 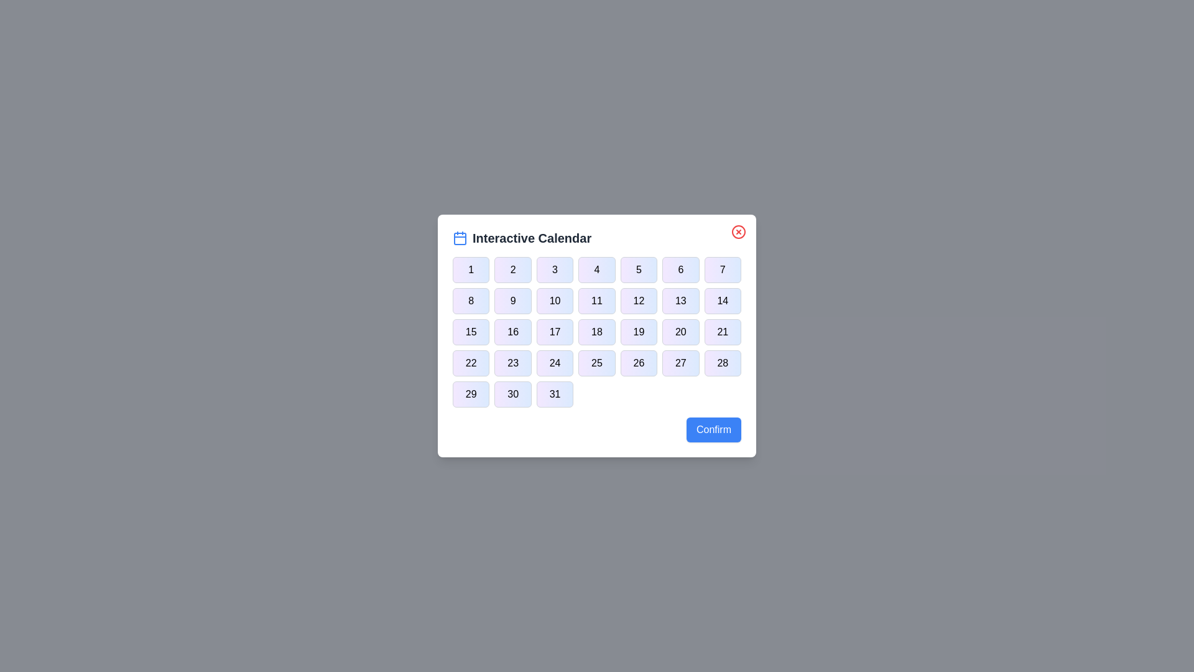 What do you see at coordinates (597, 363) in the screenshot?
I see `the button corresponding to day 25 in the calendar` at bounding box center [597, 363].